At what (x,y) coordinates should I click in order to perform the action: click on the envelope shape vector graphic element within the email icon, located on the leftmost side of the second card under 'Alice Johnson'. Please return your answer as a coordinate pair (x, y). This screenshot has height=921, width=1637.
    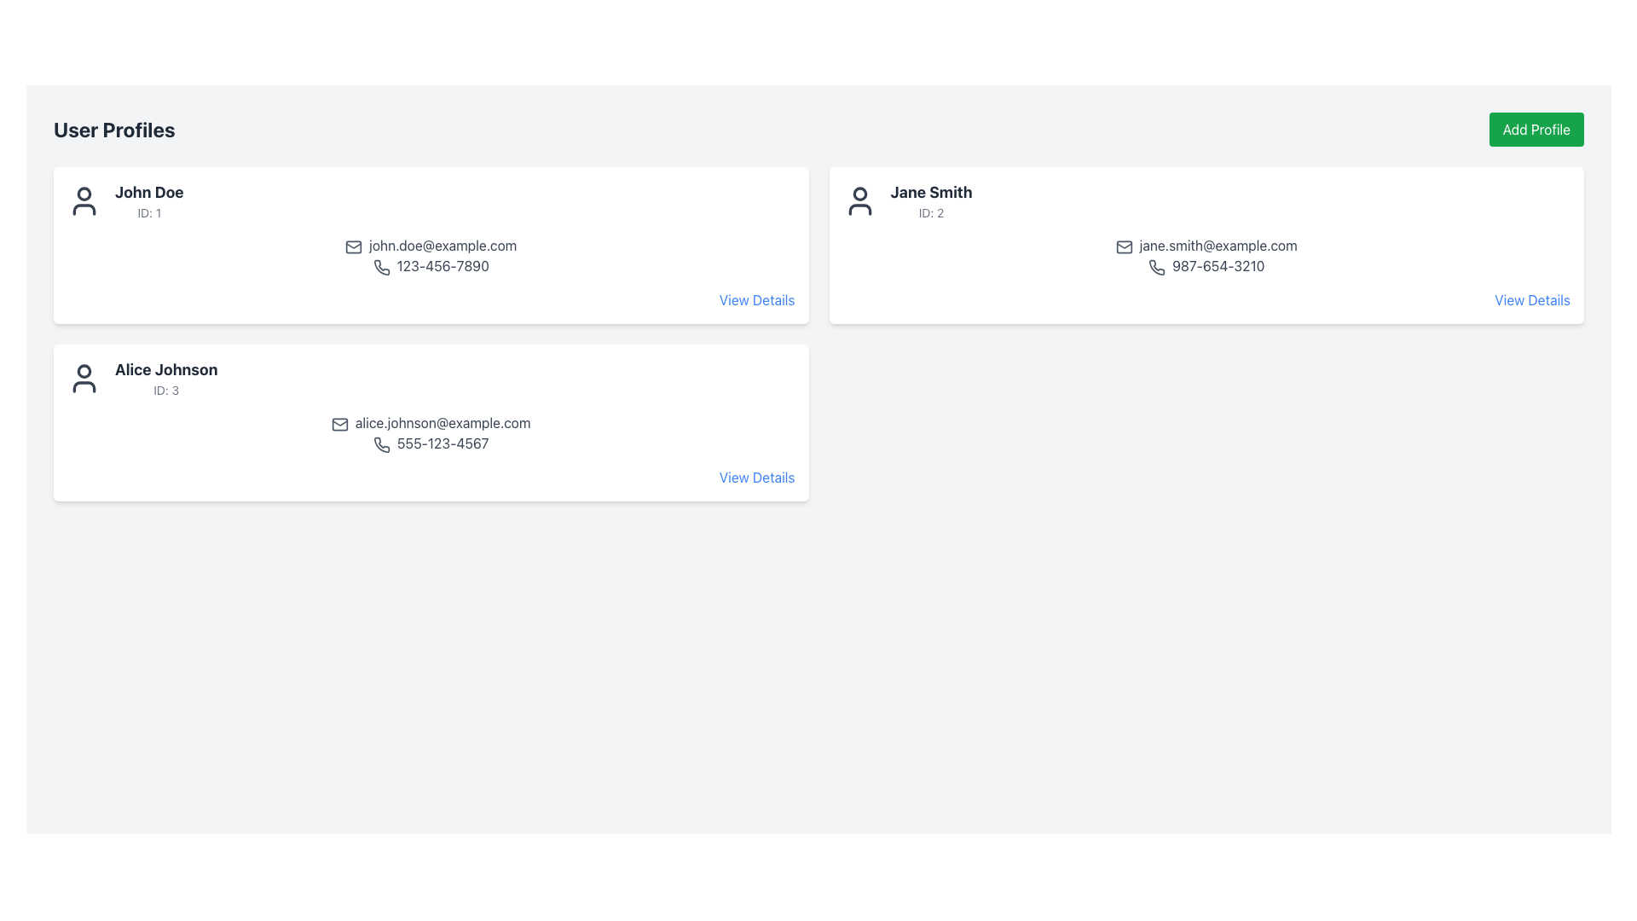
    Looking at the image, I should click on (339, 423).